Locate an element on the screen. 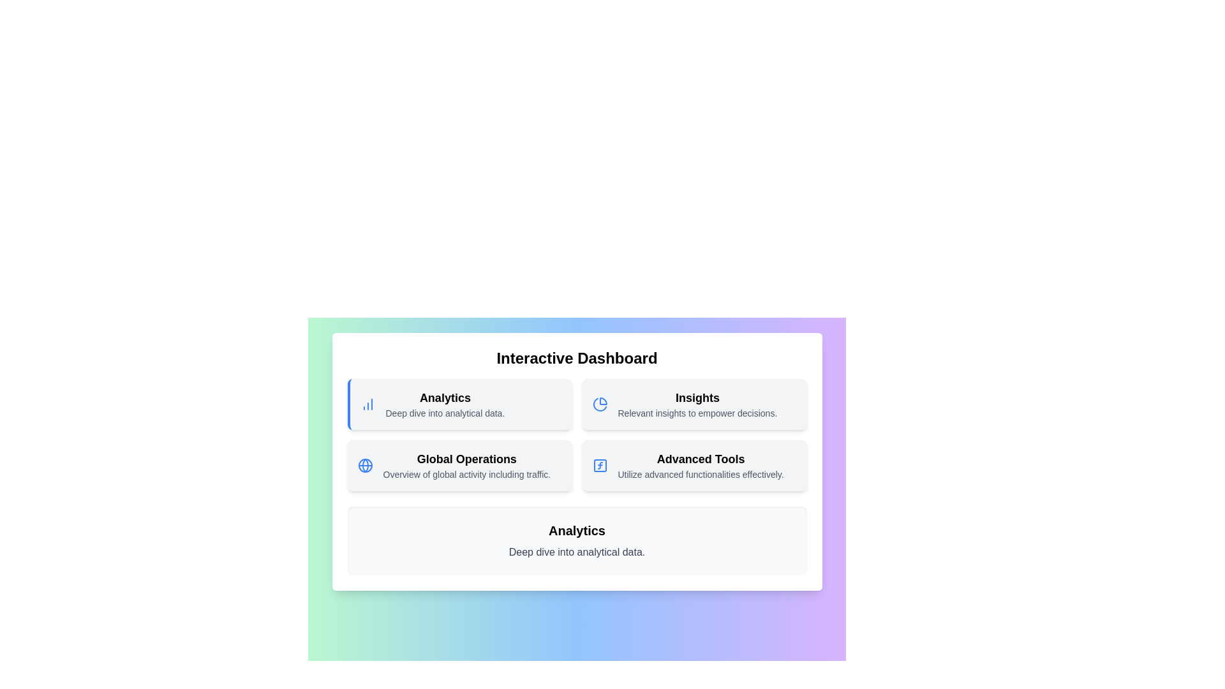 The height and width of the screenshot is (689, 1225). the menu item Analytics to view its details is located at coordinates (459, 404).